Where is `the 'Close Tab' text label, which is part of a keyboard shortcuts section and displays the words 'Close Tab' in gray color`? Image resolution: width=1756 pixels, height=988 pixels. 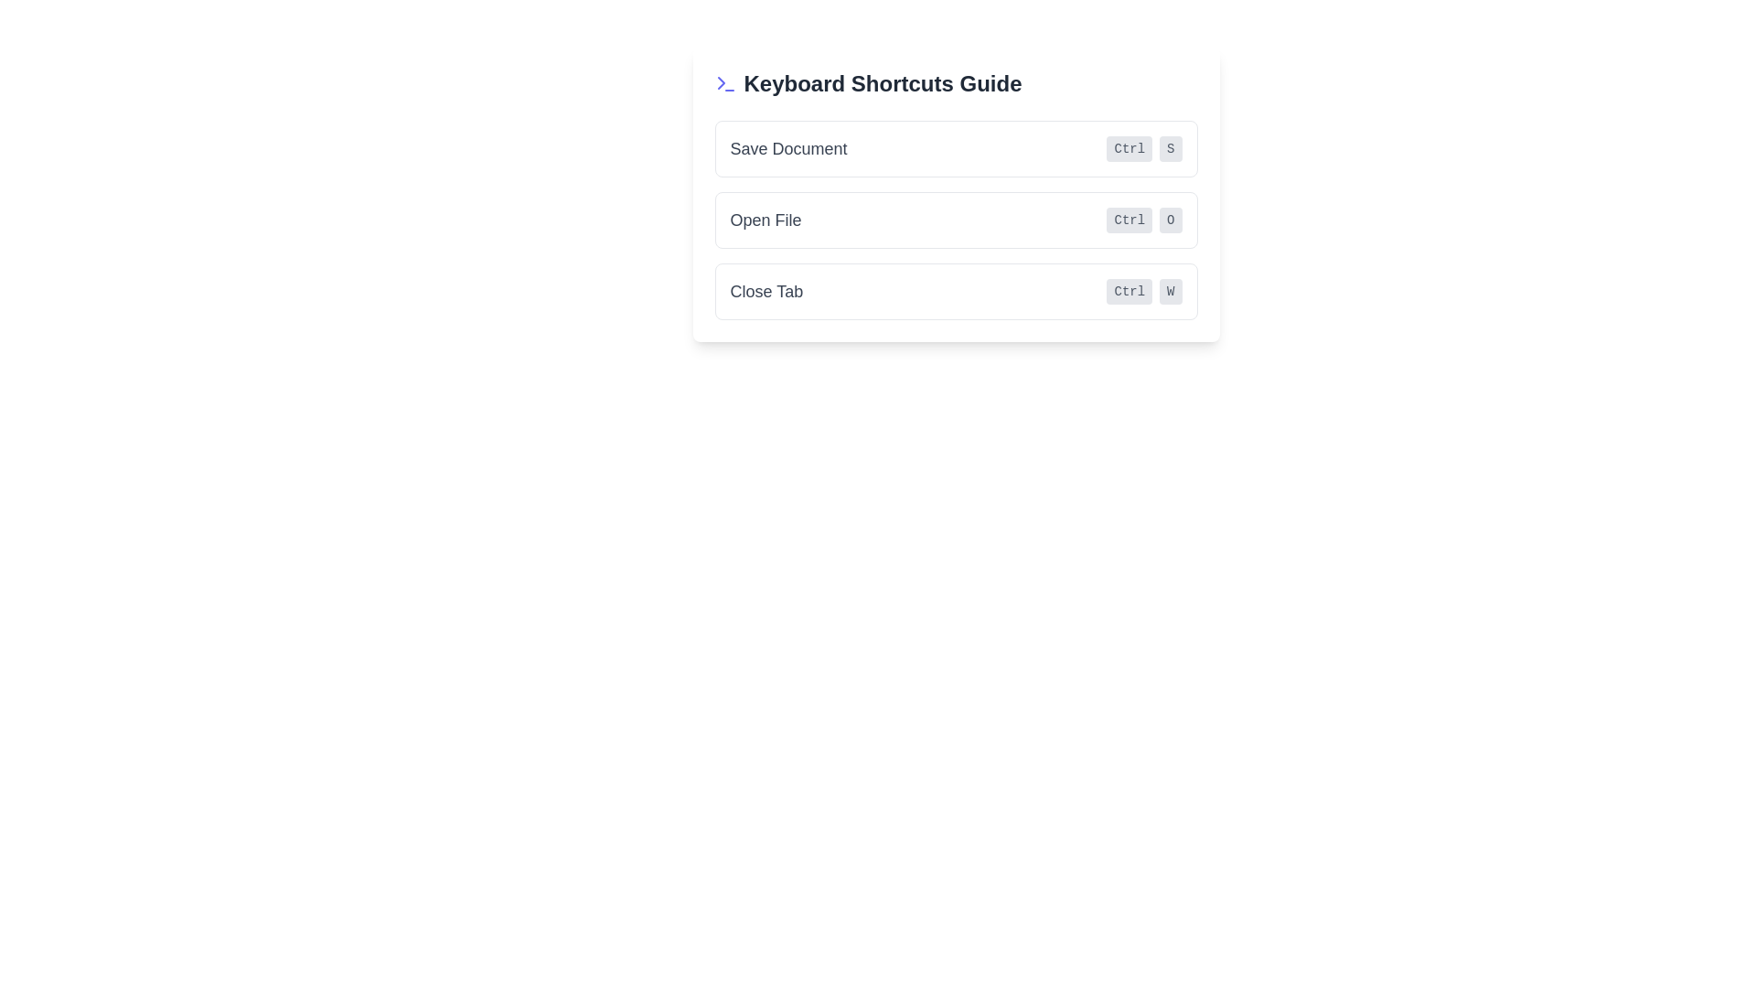
the 'Close Tab' text label, which is part of a keyboard shortcuts section and displays the words 'Close Tab' in gray color is located at coordinates (766, 291).